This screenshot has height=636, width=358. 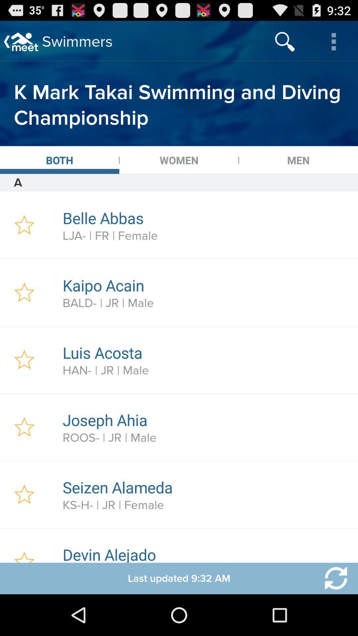 I want to click on adds the element to favorites, so click(x=24, y=495).